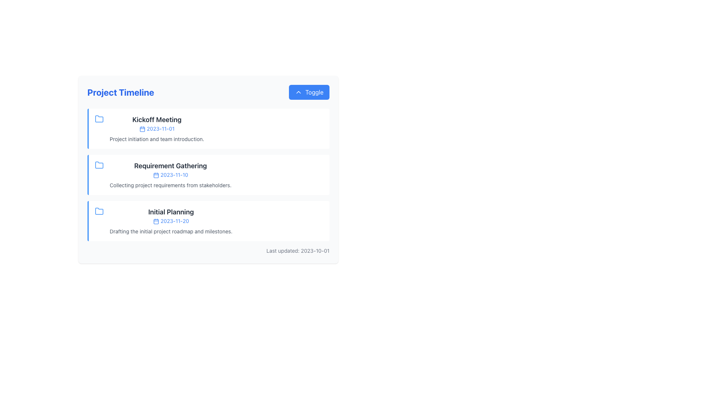 The width and height of the screenshot is (714, 402). Describe the element at coordinates (309, 92) in the screenshot. I see `the rectangular blue button with rounded edges labeled 'Toggle' to potentially see a hover effect` at that location.